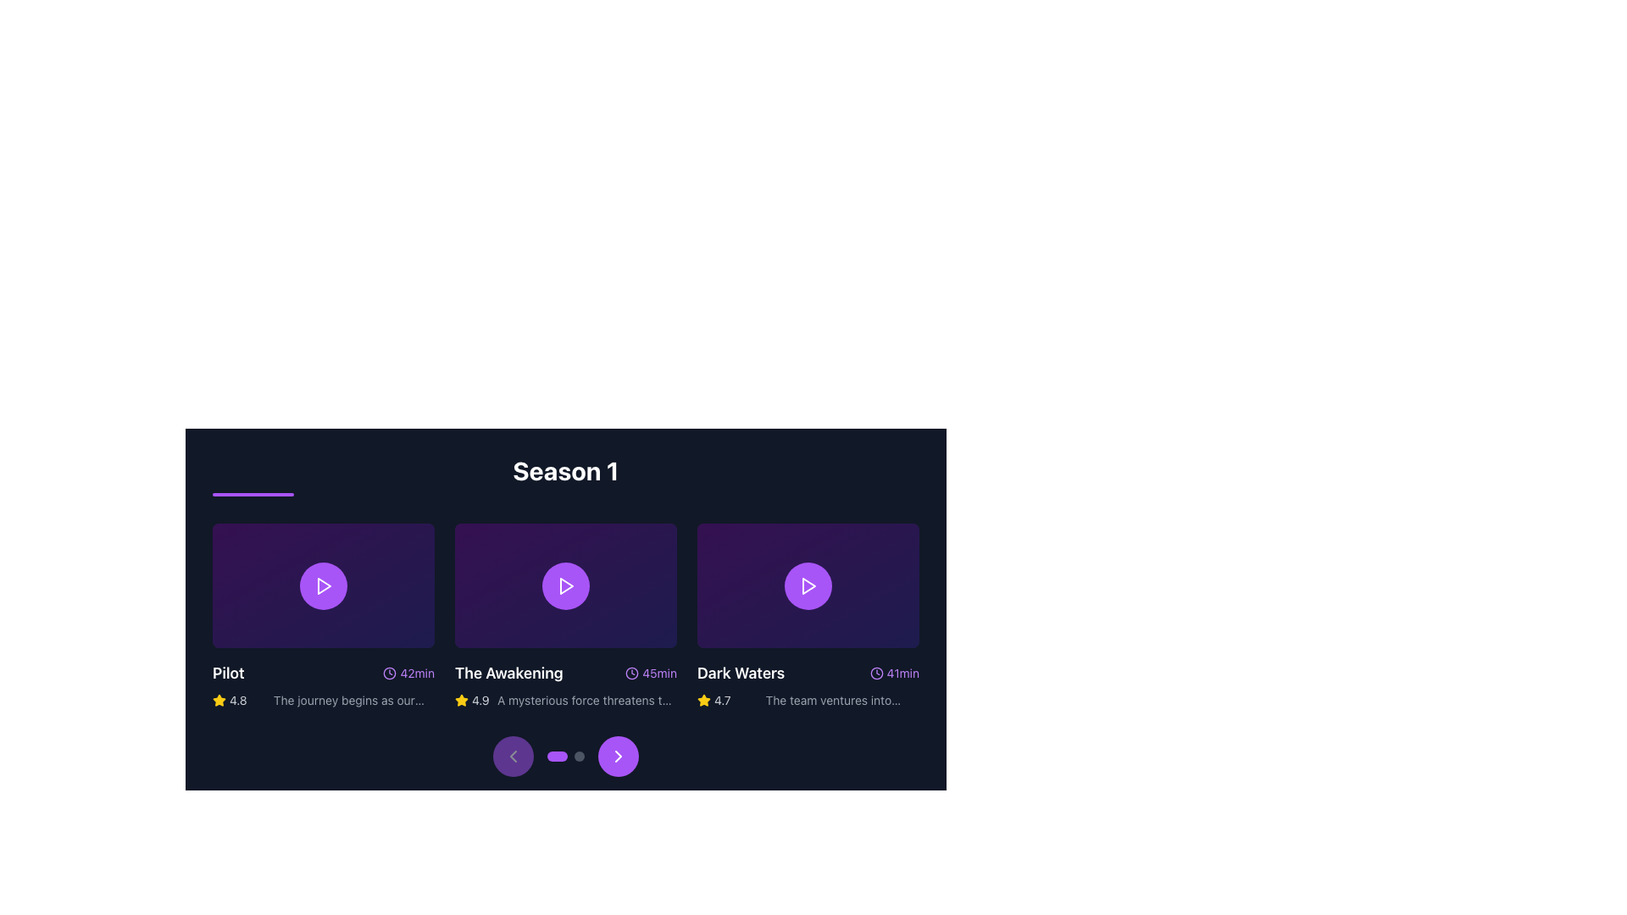 This screenshot has height=915, width=1627. Describe the element at coordinates (714, 701) in the screenshot. I see `rating value '4.7' displayed in light gray font, positioned to the right of the yellow star icon in the bottom row of the 'Dark Waters' card` at that location.